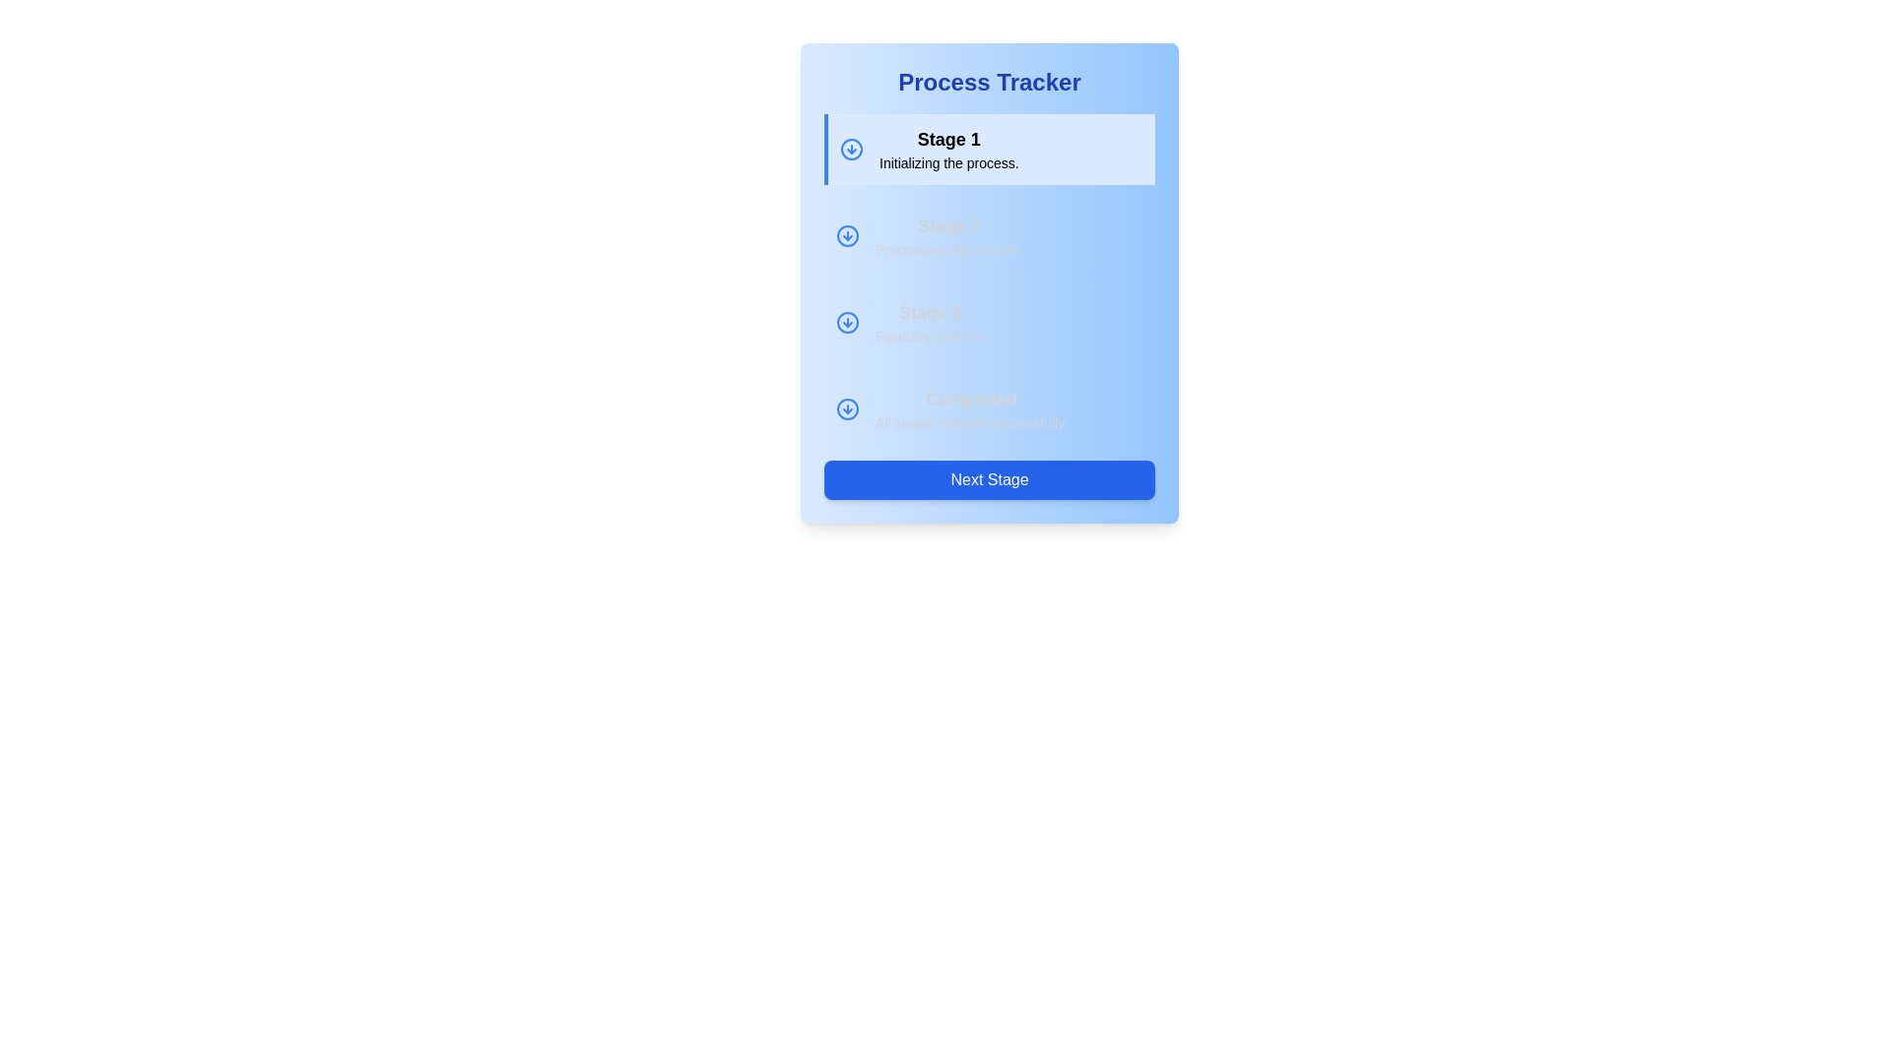  I want to click on the circular SVG shape with a blue stroke adjacent to the 'Stage 3' label in the vertical process tracker, so click(847, 321).